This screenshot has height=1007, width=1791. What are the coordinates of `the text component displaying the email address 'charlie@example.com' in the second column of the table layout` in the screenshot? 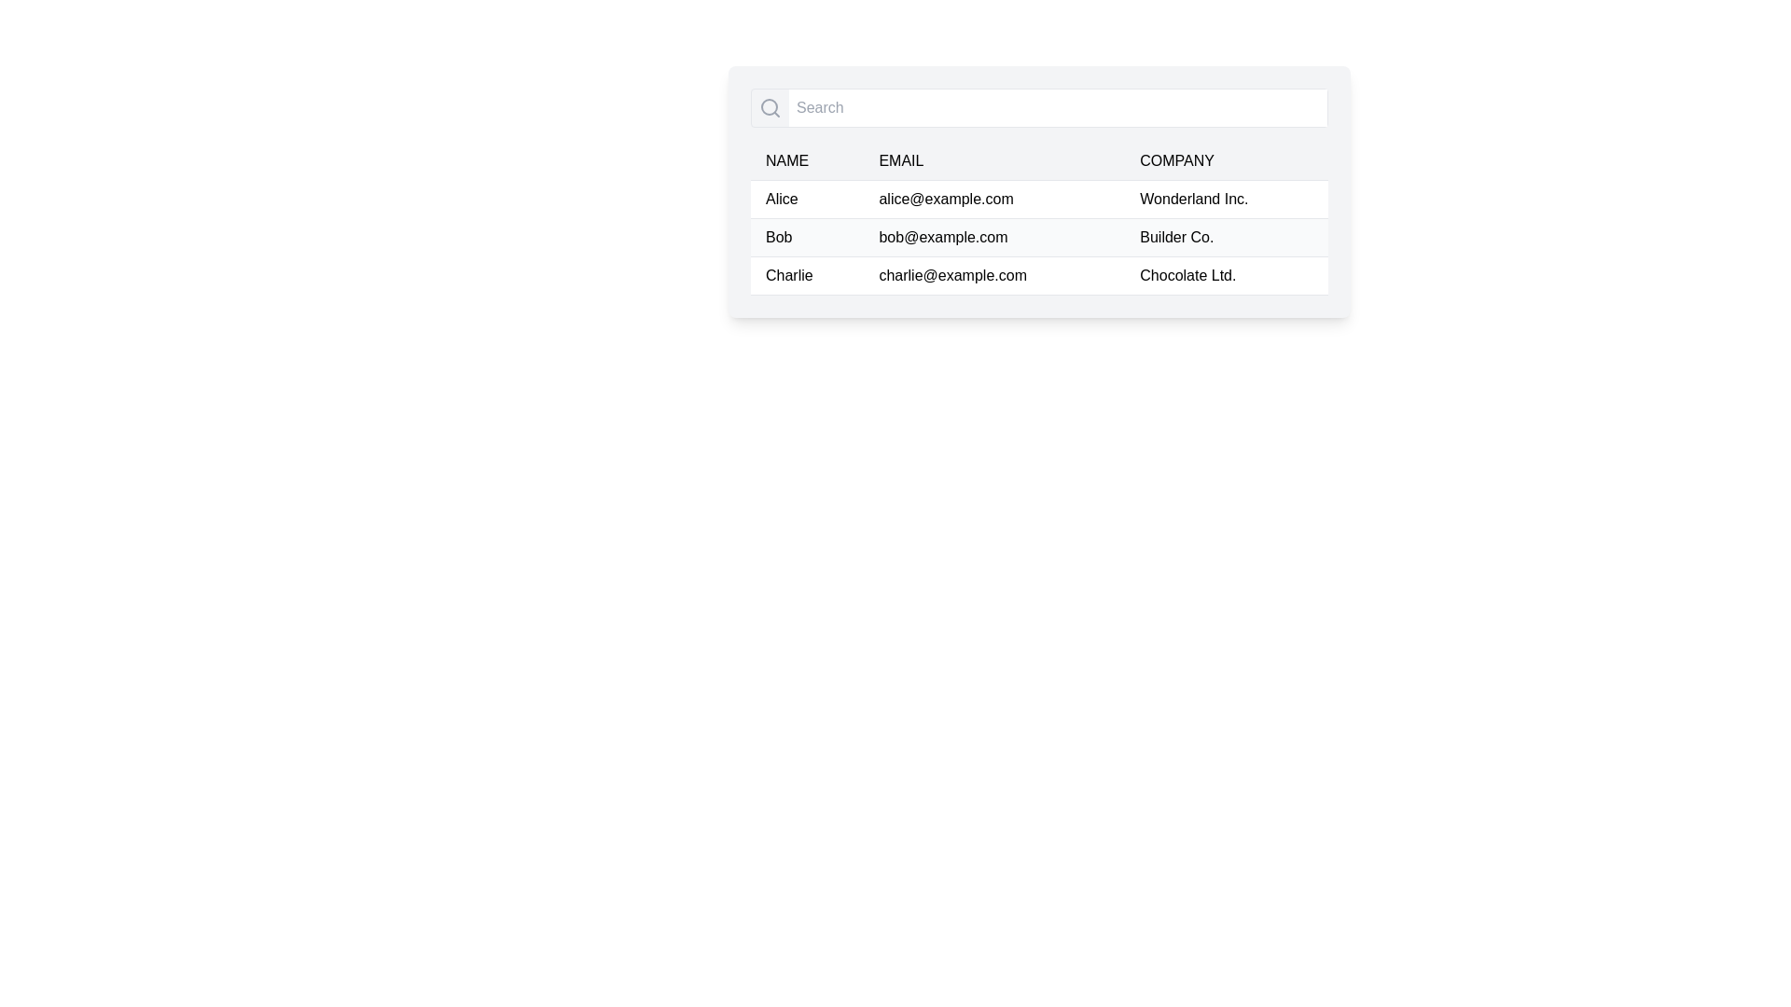 It's located at (993, 276).